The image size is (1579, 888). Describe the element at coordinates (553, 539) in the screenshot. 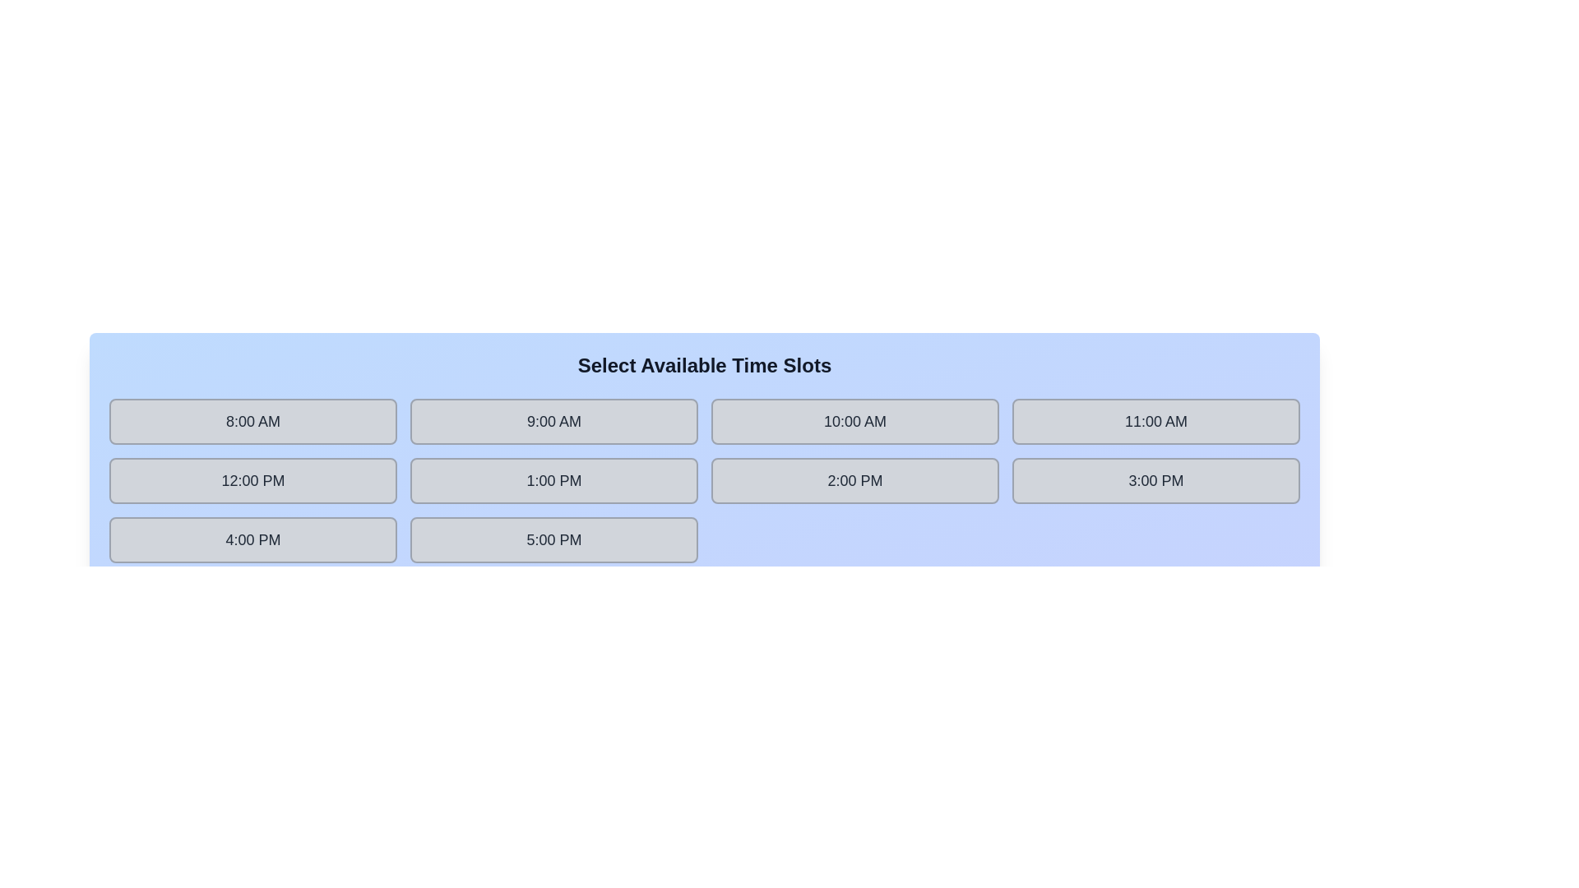

I see `the time slot labeled 5:00 PM` at that location.